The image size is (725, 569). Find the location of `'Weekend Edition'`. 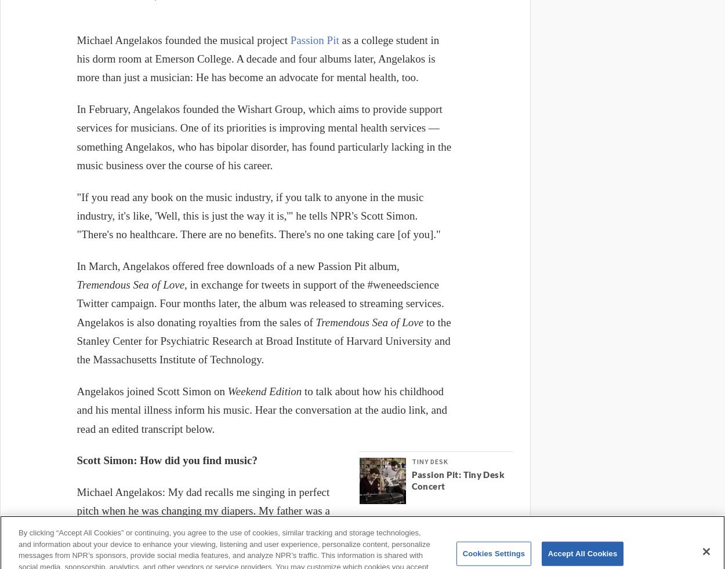

'Weekend Edition' is located at coordinates (265, 390).